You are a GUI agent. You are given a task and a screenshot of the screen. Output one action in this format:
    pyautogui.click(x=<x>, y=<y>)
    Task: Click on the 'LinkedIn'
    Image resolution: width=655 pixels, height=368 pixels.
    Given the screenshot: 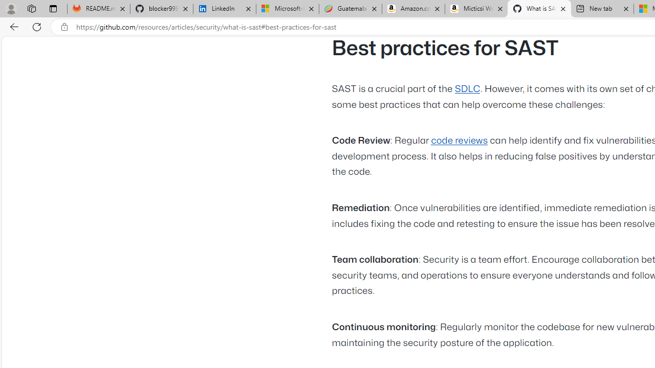 What is the action you would take?
    pyautogui.click(x=224, y=9)
    